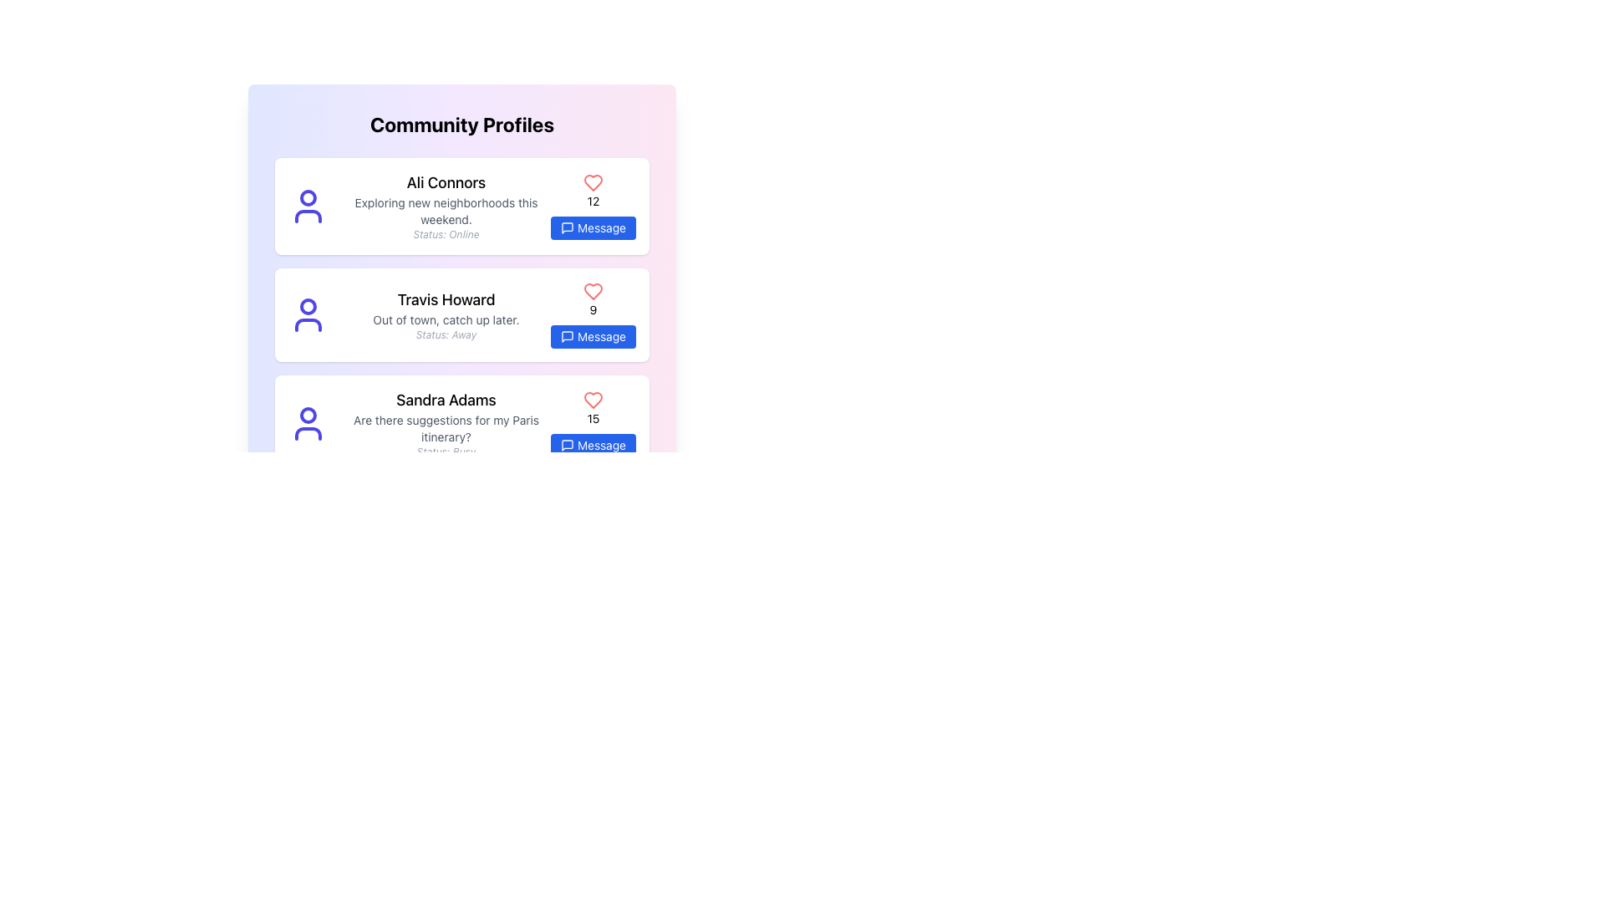 The width and height of the screenshot is (1605, 903). Describe the element at coordinates (594, 309) in the screenshot. I see `number displayed in the static text component showing likes or favorites for Travis Howard, located in the second profile card of the community profile section, positioned below the red heart icon and above the 'Message' button` at that location.